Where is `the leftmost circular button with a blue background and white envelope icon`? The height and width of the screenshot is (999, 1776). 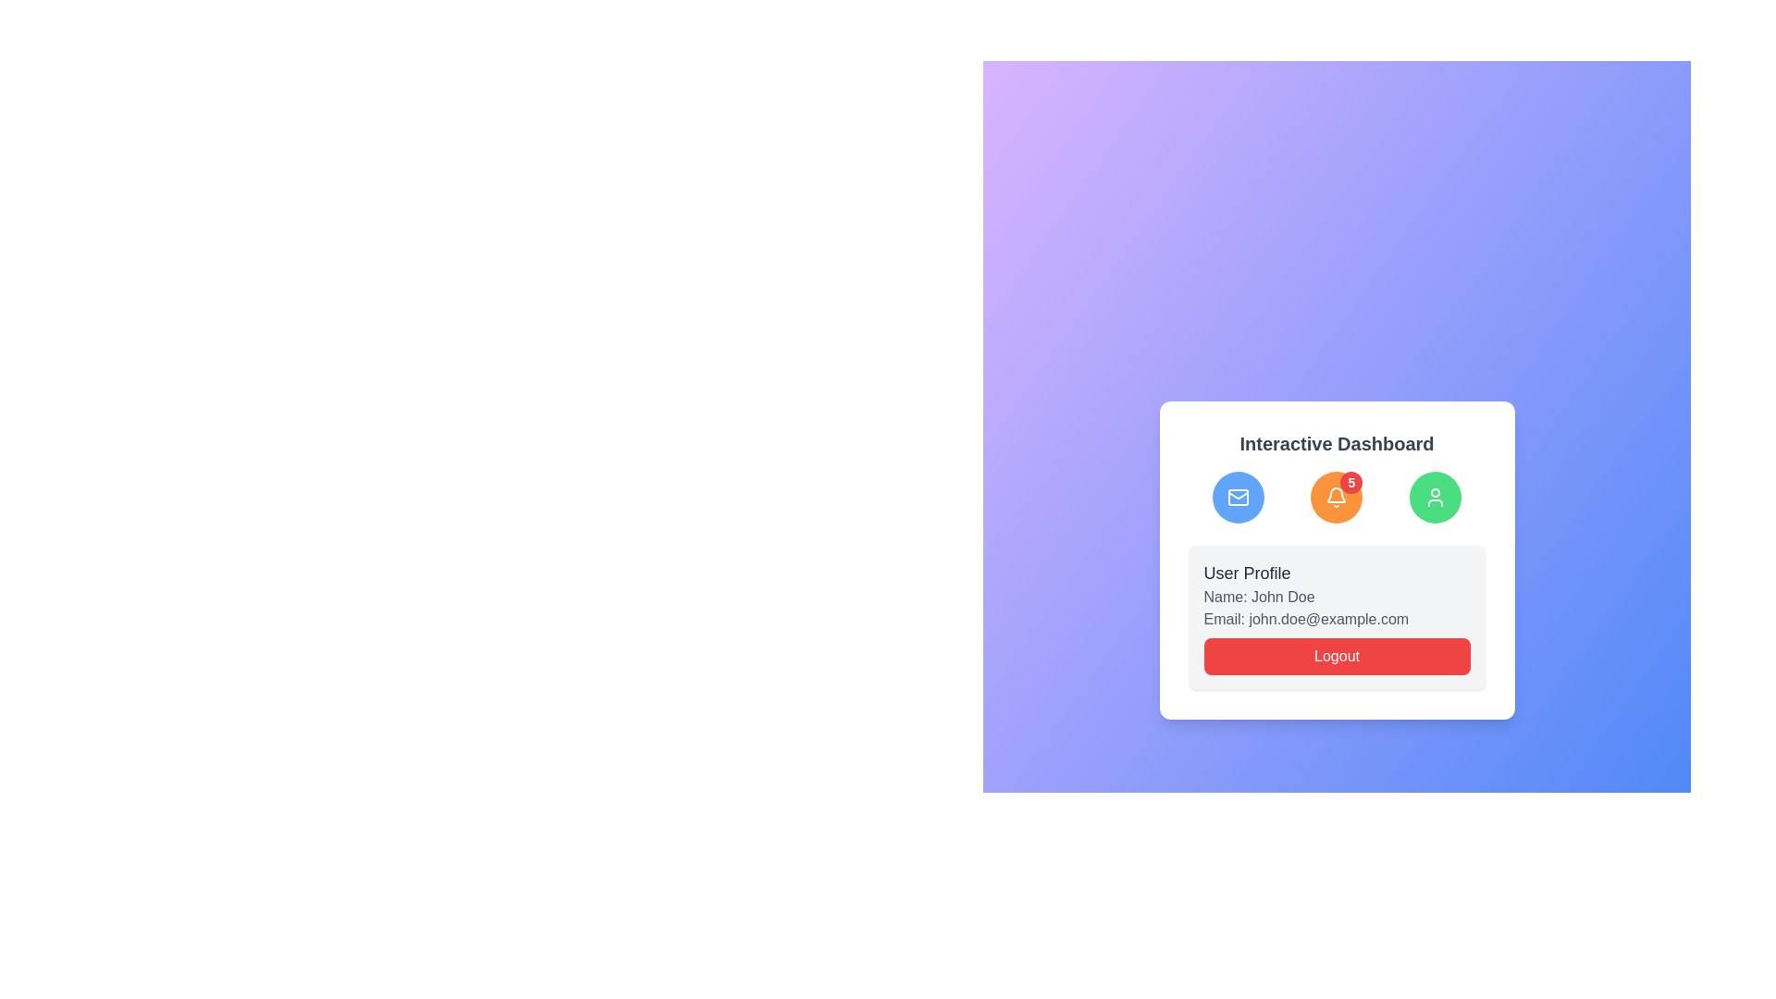 the leftmost circular button with a blue background and white envelope icon is located at coordinates (1238, 496).